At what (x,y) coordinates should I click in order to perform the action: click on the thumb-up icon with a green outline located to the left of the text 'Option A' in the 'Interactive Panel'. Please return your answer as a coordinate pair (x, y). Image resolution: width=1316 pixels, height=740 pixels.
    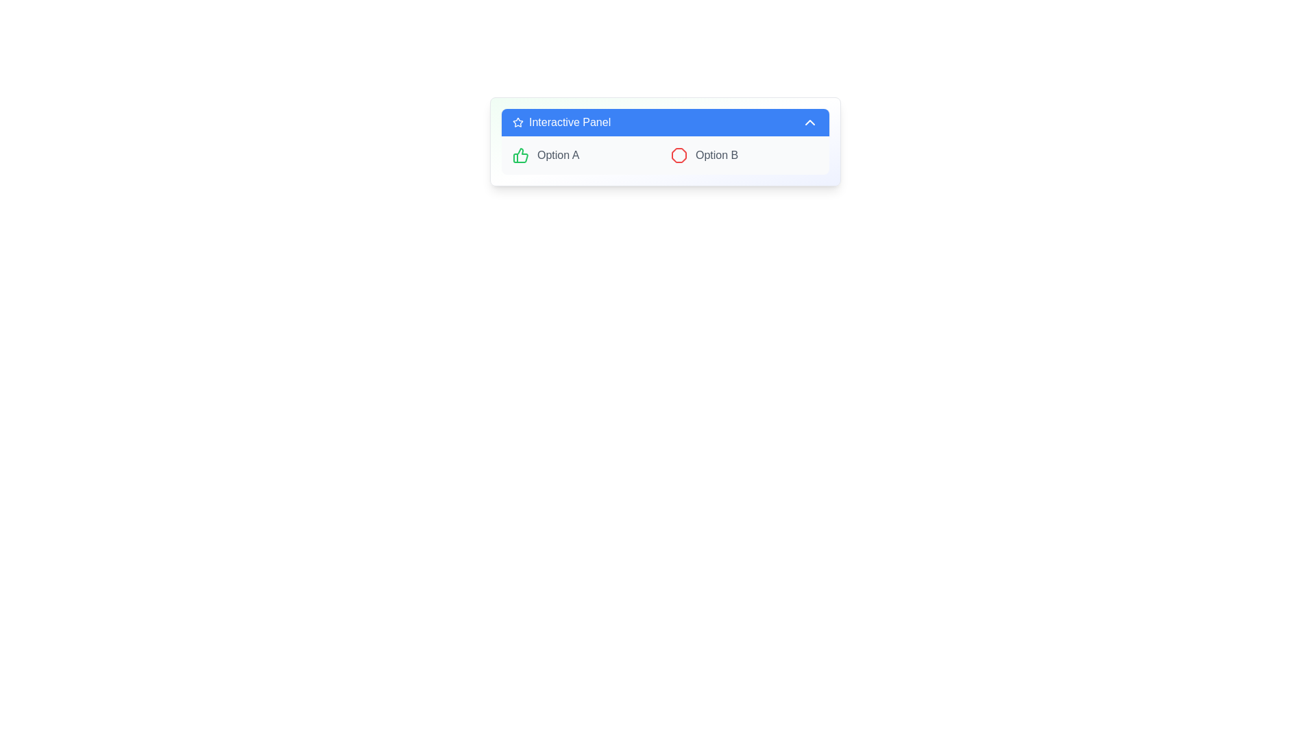
    Looking at the image, I should click on (520, 155).